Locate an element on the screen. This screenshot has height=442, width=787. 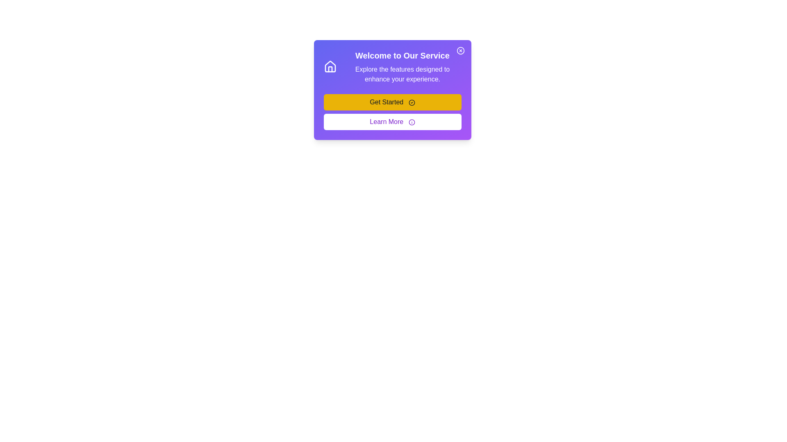
the checkmark icon within a circle, which has a yellow background and is positioned adjacent to the 'Get Started' button is located at coordinates (412, 102).